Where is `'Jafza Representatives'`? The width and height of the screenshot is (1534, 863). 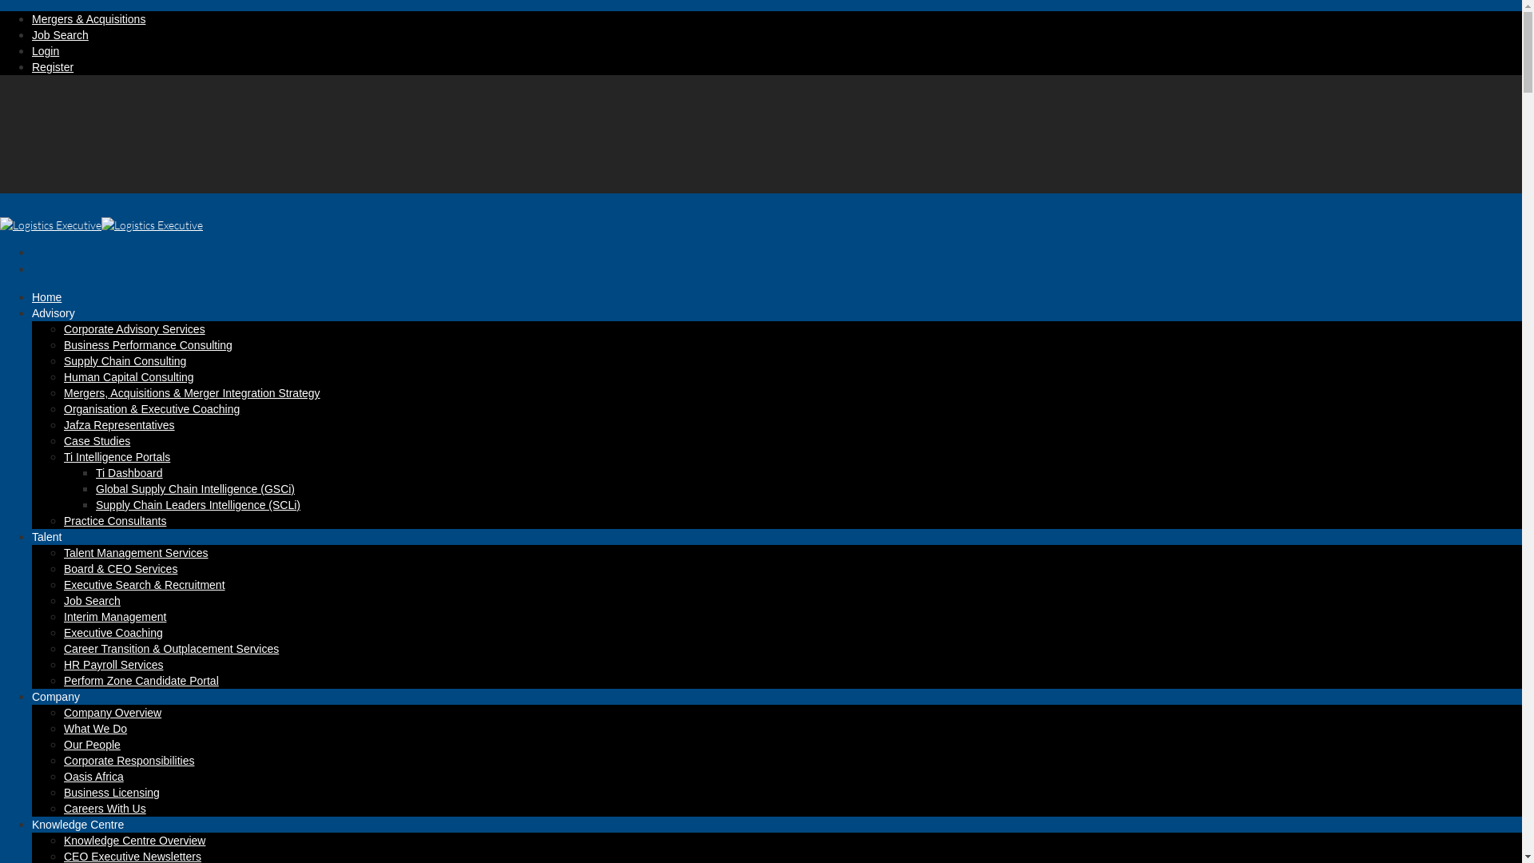
'Jafza Representatives' is located at coordinates (118, 424).